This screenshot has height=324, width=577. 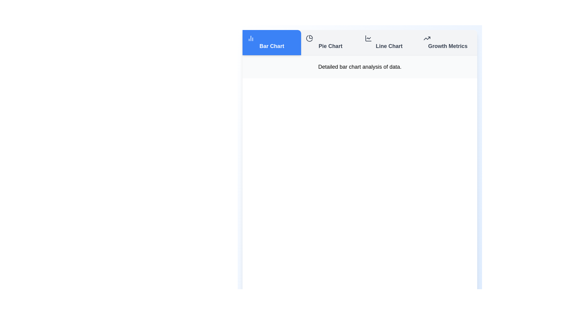 What do you see at coordinates (389, 42) in the screenshot?
I see `the chart type Line Chart by clicking the corresponding tab button` at bounding box center [389, 42].